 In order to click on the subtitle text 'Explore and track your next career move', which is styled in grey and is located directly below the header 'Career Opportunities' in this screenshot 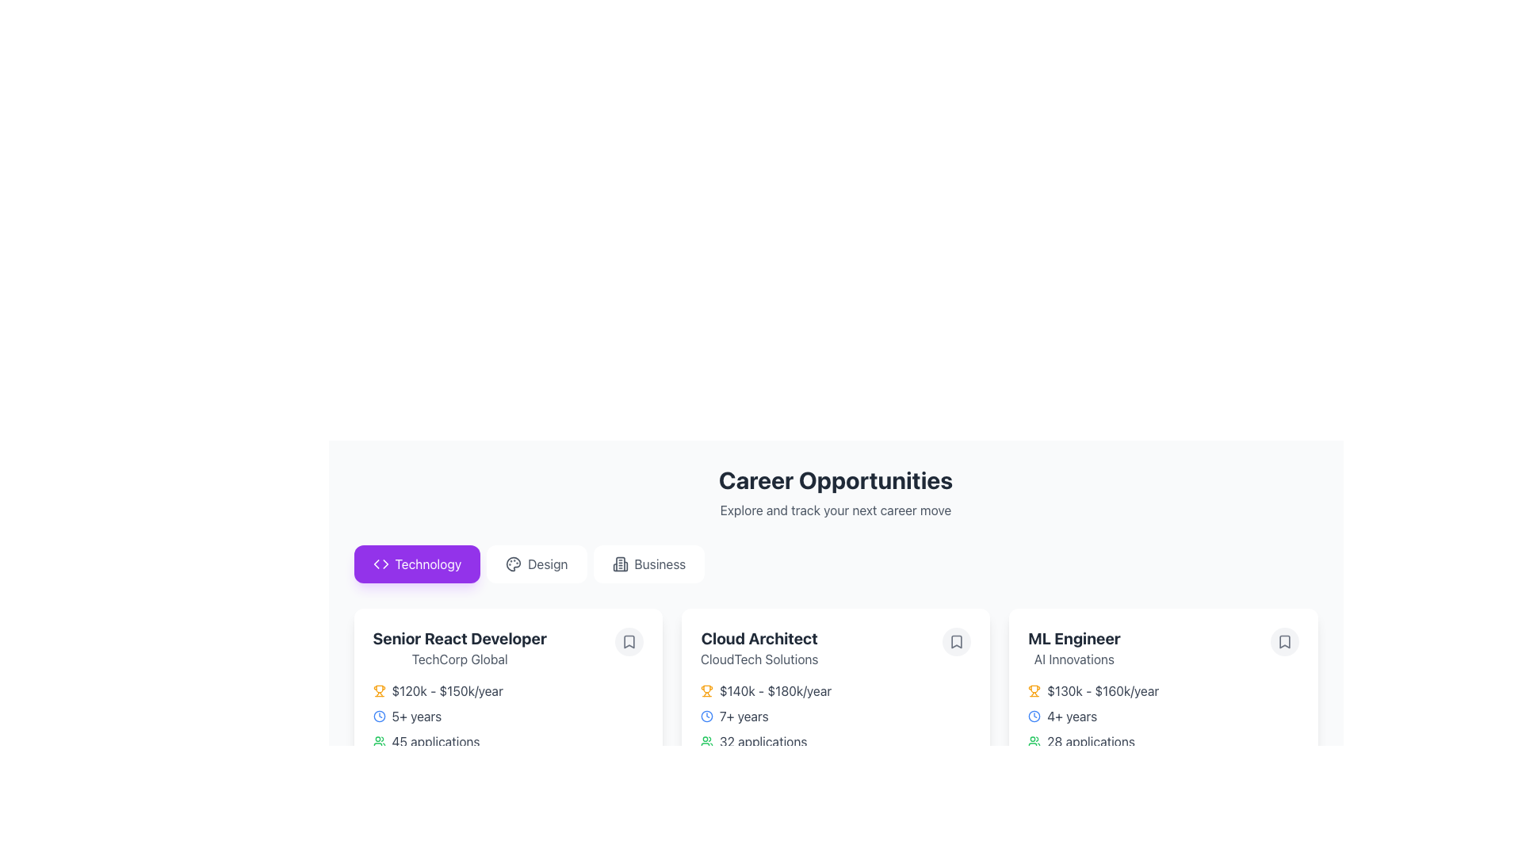, I will do `click(835, 510)`.